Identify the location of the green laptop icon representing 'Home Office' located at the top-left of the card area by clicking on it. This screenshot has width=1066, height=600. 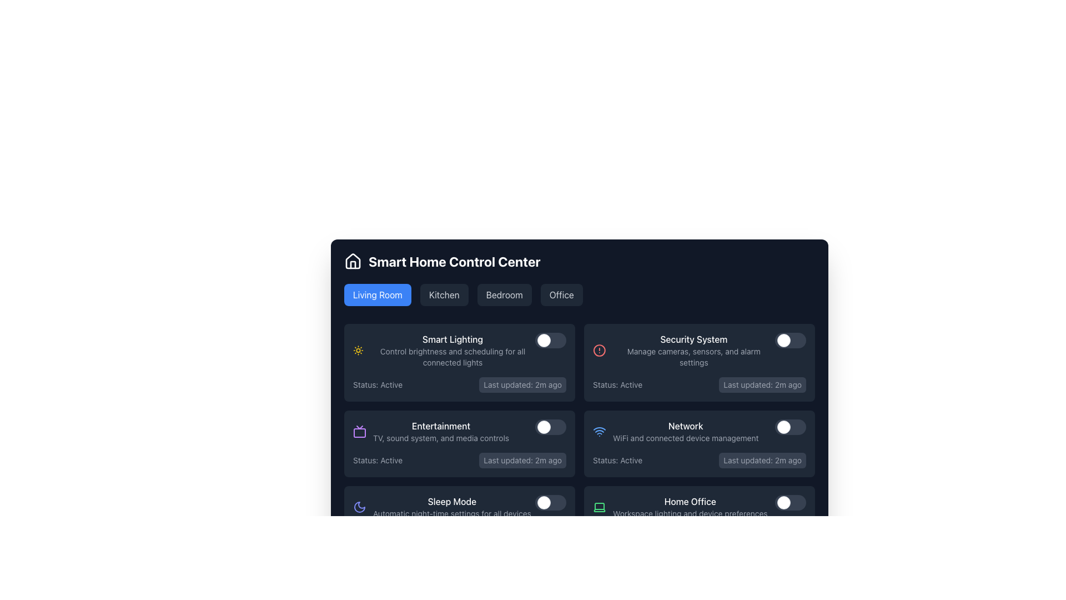
(599, 507).